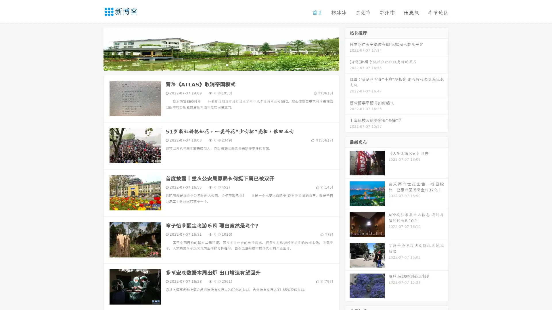  Describe the element at coordinates (95, 48) in the screenshot. I see `Previous slide` at that location.